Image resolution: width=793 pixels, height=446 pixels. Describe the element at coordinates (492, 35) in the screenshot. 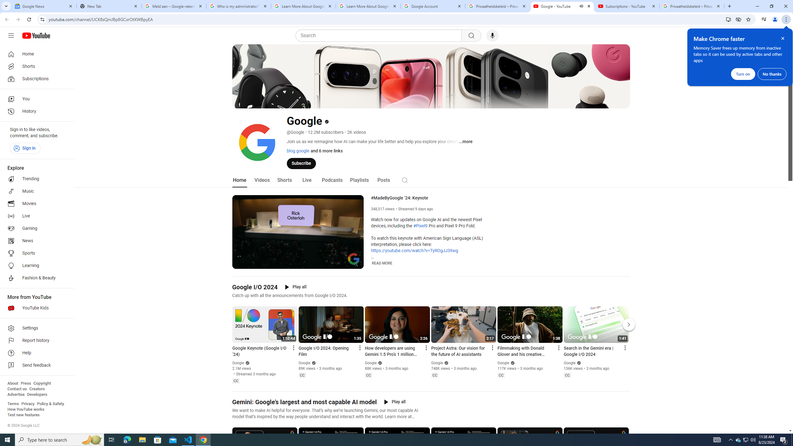

I see `'Search with your voice'` at that location.